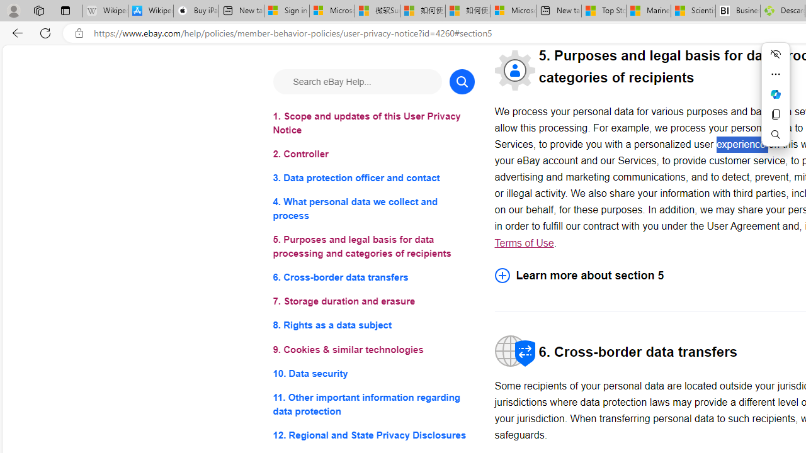 The height and width of the screenshot is (453, 806). What do you see at coordinates (373, 301) in the screenshot?
I see `'7. Storage duration and erasure'` at bounding box center [373, 301].